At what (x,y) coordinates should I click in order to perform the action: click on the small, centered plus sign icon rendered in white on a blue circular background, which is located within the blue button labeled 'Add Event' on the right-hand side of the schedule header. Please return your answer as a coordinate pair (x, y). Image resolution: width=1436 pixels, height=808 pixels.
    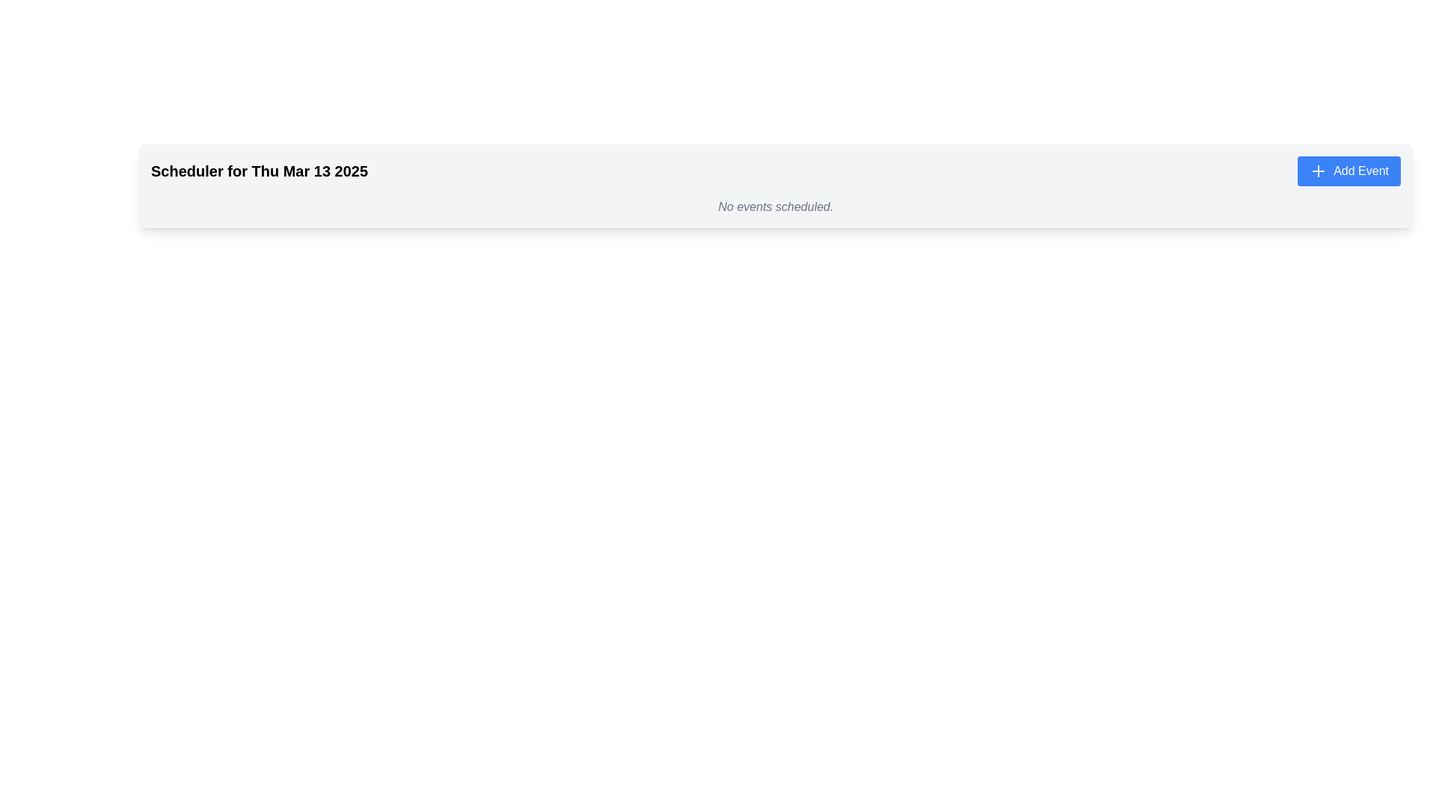
    Looking at the image, I should click on (1319, 170).